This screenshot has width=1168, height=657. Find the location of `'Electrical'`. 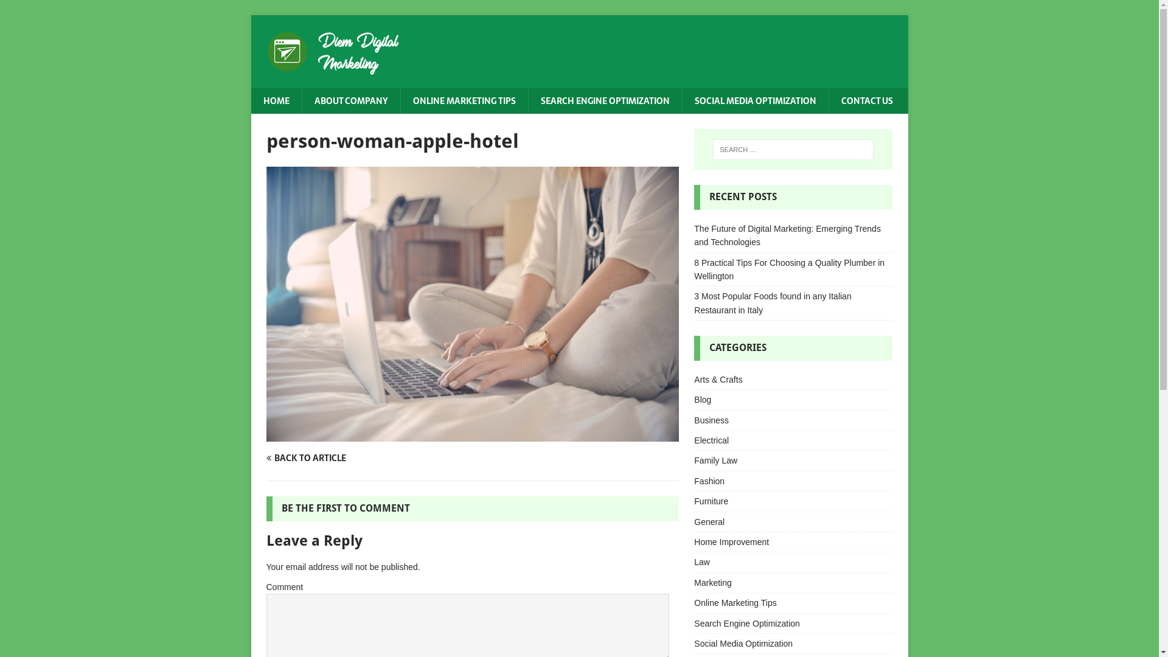

'Electrical' is located at coordinates (793, 440).